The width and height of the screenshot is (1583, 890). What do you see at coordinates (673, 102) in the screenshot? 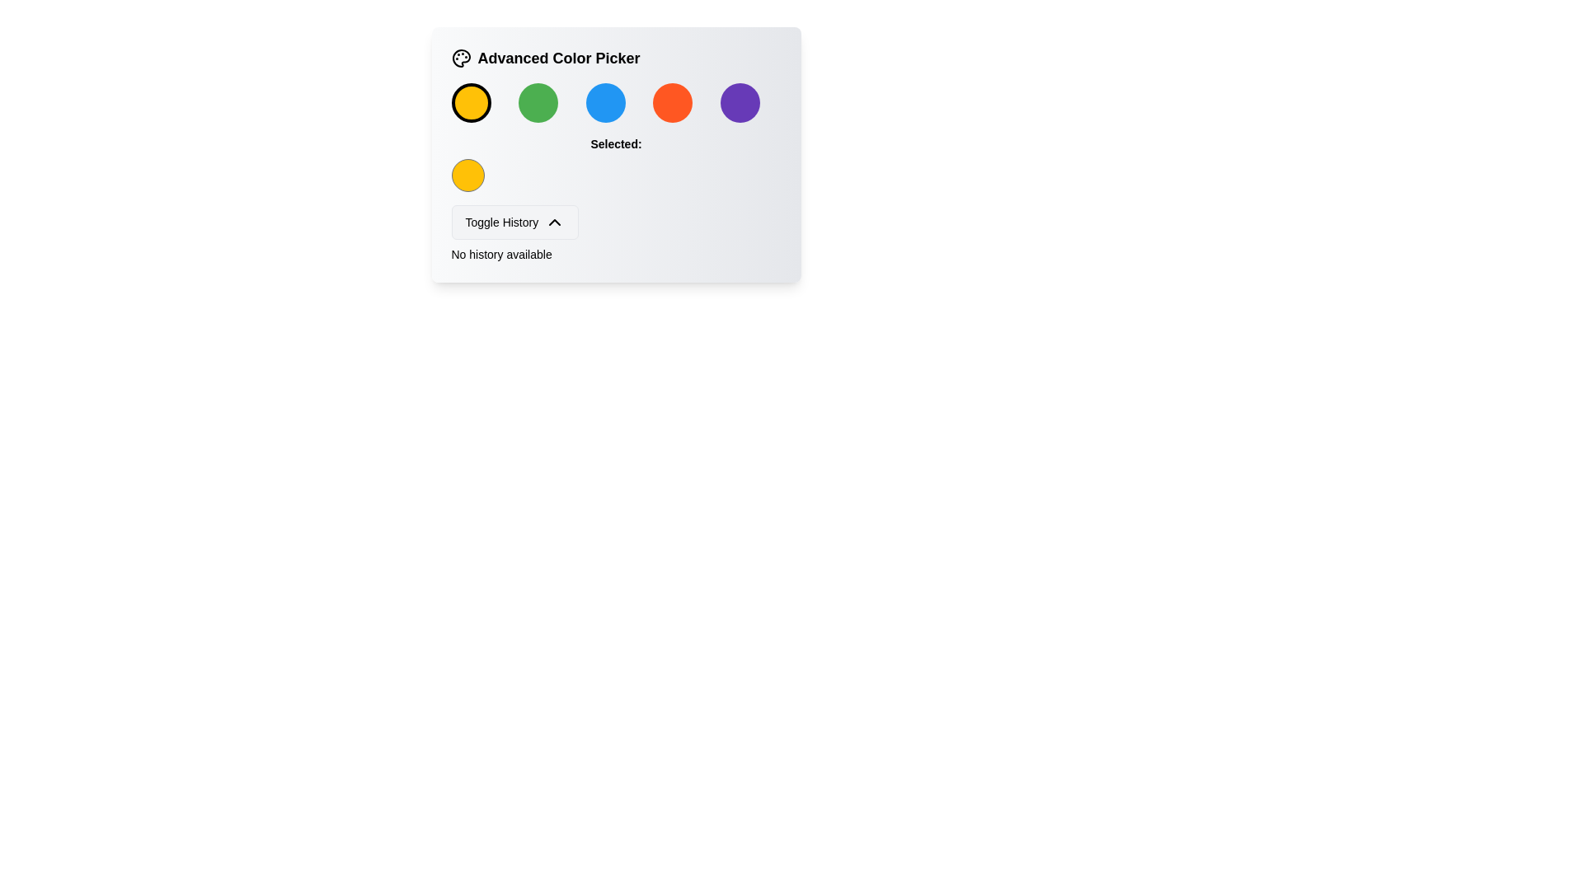
I see `the fourth circular button in the Advanced Color Picker` at bounding box center [673, 102].